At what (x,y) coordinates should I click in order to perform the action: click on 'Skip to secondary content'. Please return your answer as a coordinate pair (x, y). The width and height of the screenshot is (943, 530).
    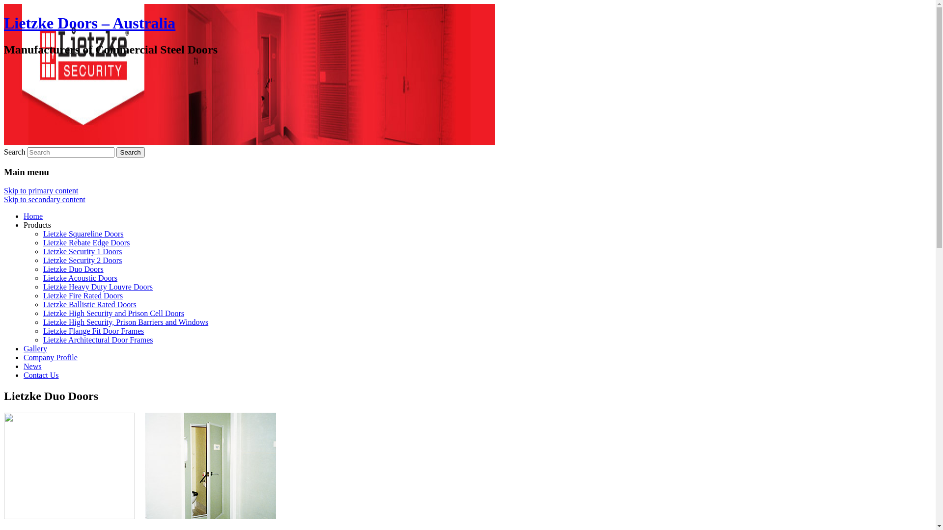
    Looking at the image, I should click on (44, 199).